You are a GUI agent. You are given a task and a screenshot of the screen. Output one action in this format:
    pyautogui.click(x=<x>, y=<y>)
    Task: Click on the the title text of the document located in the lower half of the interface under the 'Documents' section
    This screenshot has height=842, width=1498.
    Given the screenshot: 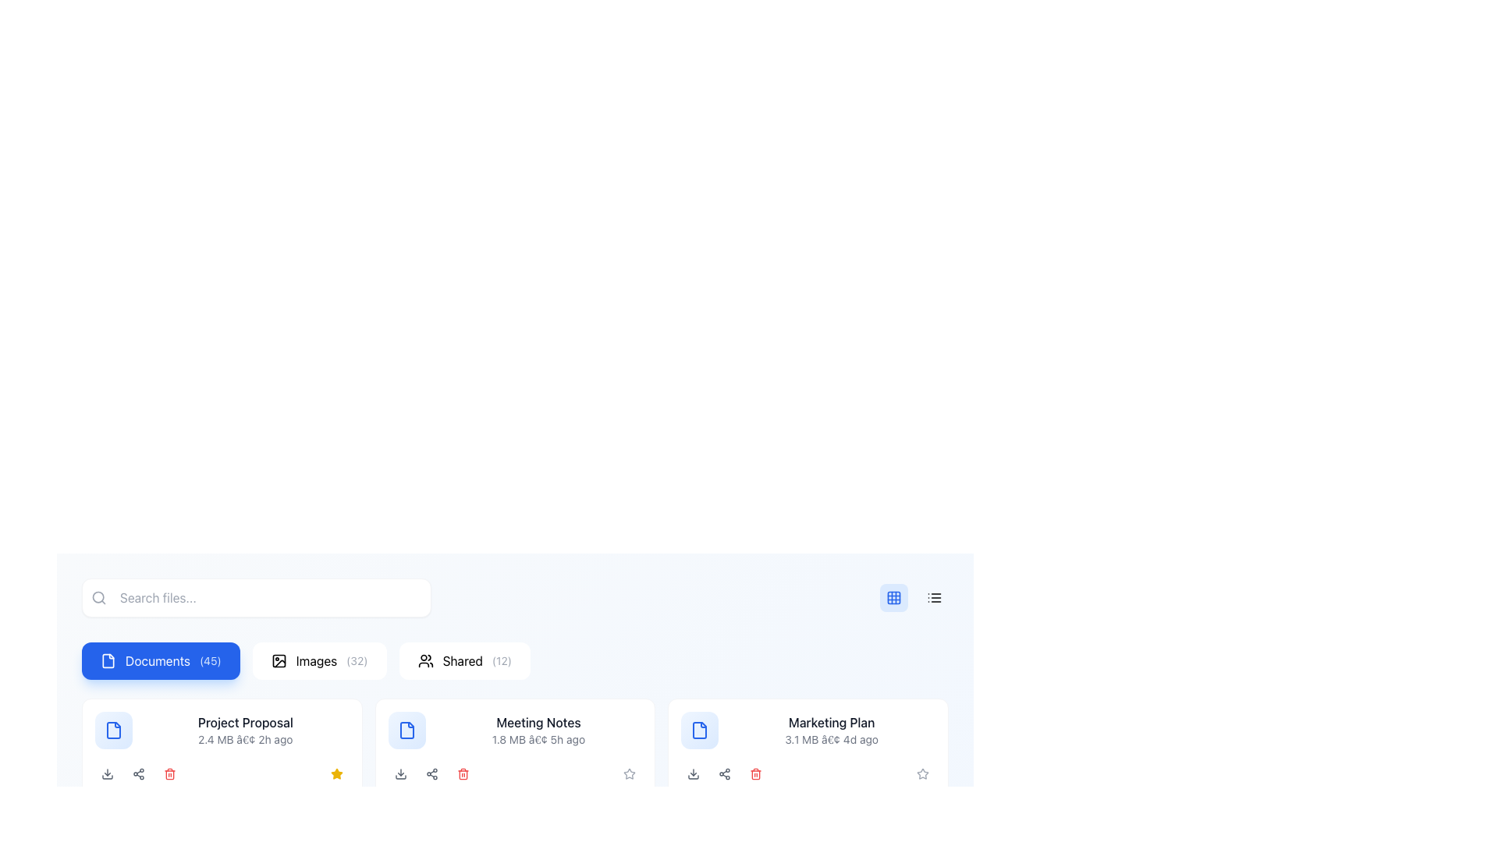 What is the action you would take?
    pyautogui.click(x=244, y=722)
    